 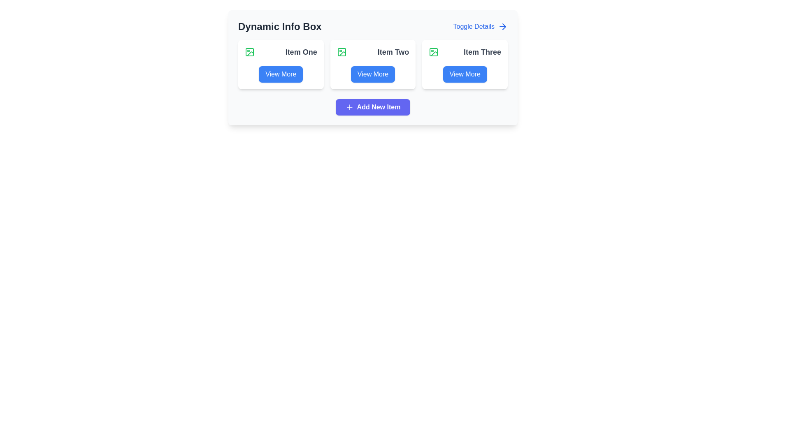 What do you see at coordinates (465, 74) in the screenshot?
I see `the button located in the third item box labeled 'Item Three'` at bounding box center [465, 74].